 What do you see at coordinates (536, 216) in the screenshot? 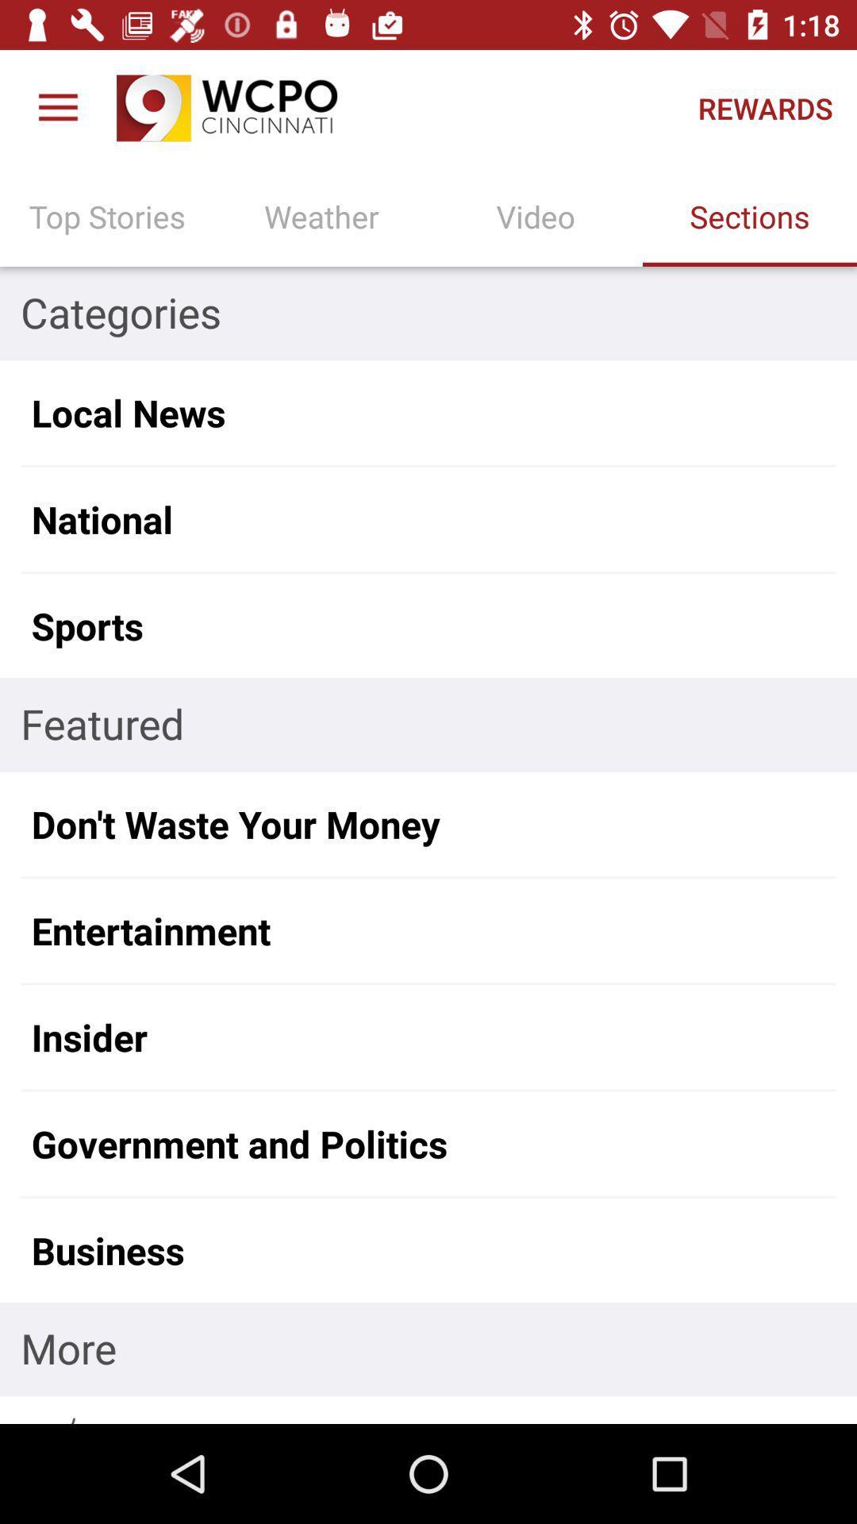
I see `the tab videos on the web page` at bounding box center [536, 216].